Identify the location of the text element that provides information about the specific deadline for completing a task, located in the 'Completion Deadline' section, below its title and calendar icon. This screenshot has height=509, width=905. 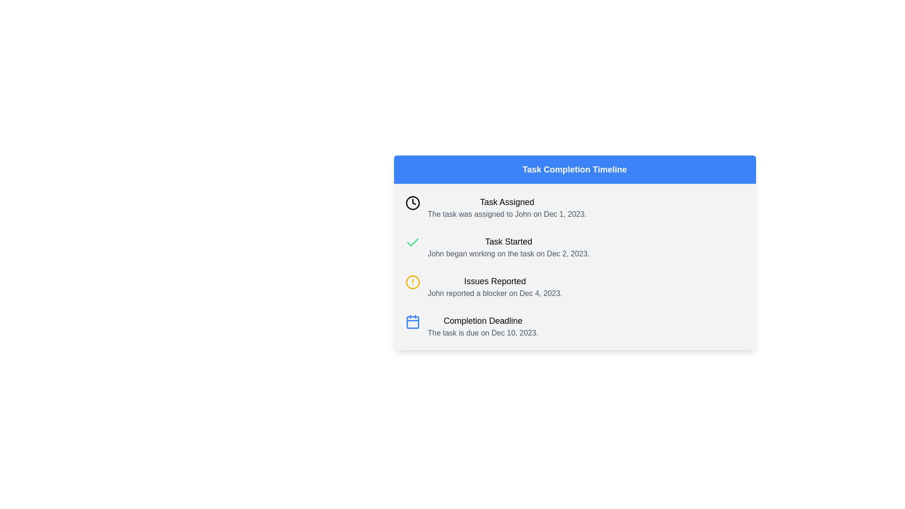
(483, 332).